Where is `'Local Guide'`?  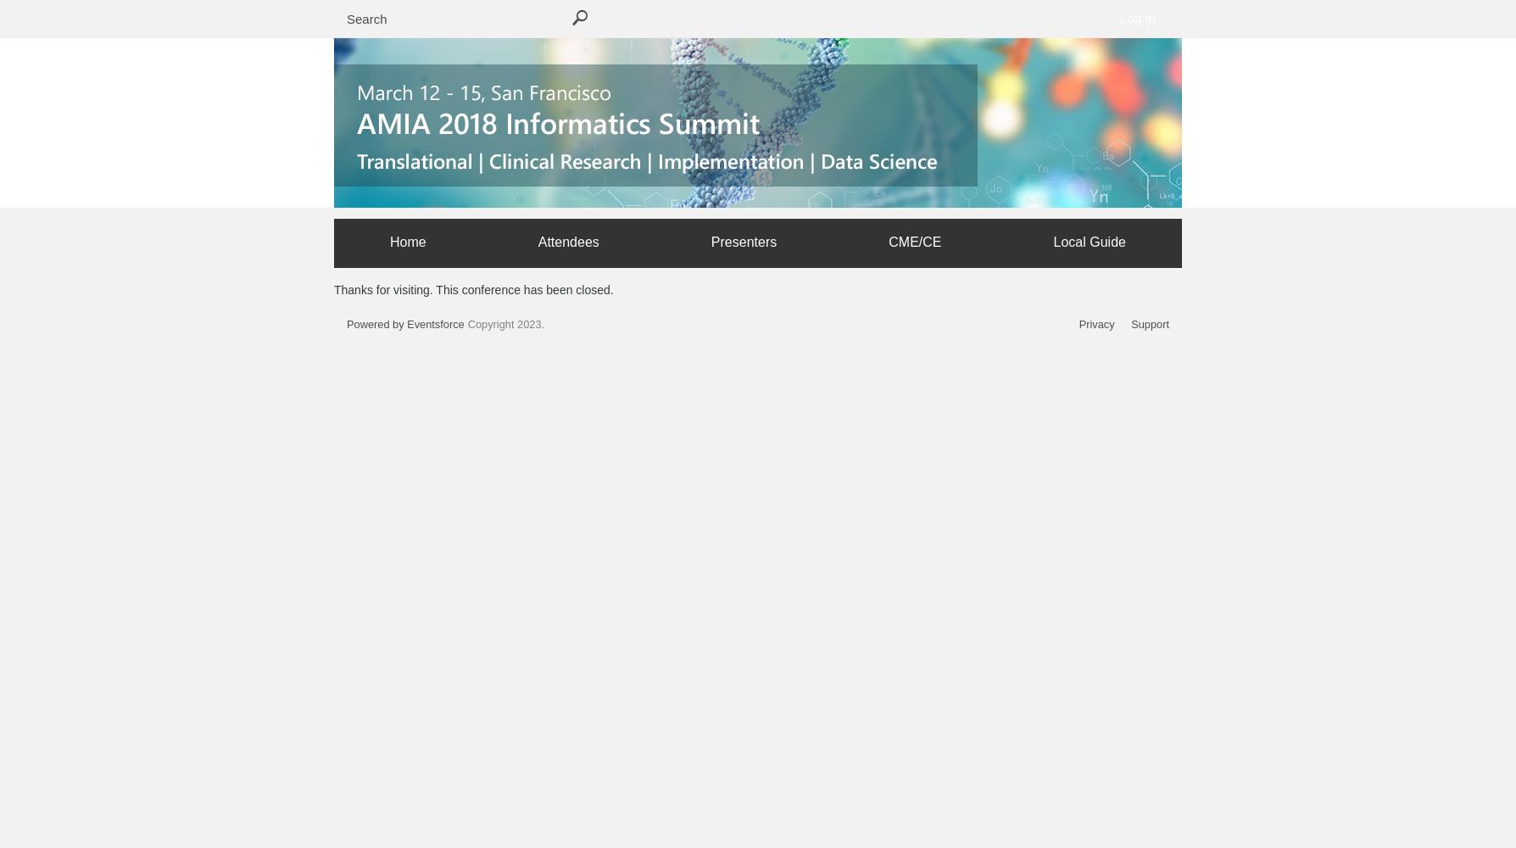 'Local Guide' is located at coordinates (1088, 241).